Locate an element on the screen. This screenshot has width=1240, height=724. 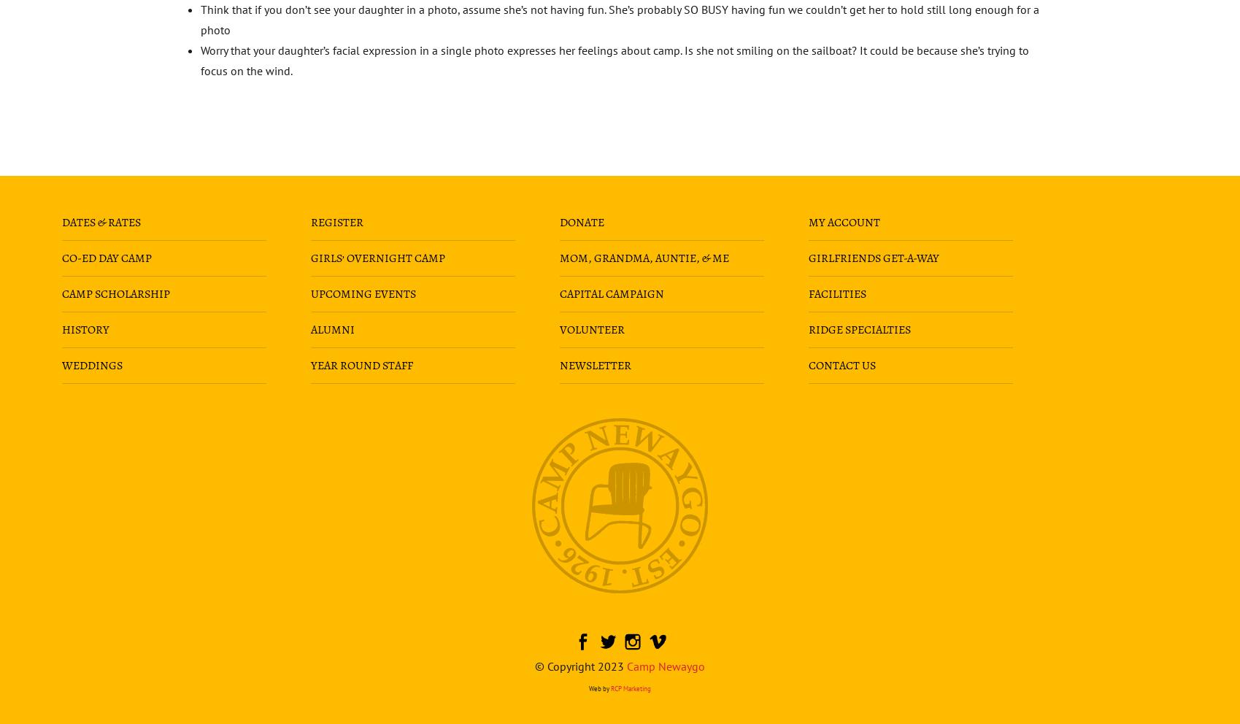
'History' is located at coordinates (84, 328).